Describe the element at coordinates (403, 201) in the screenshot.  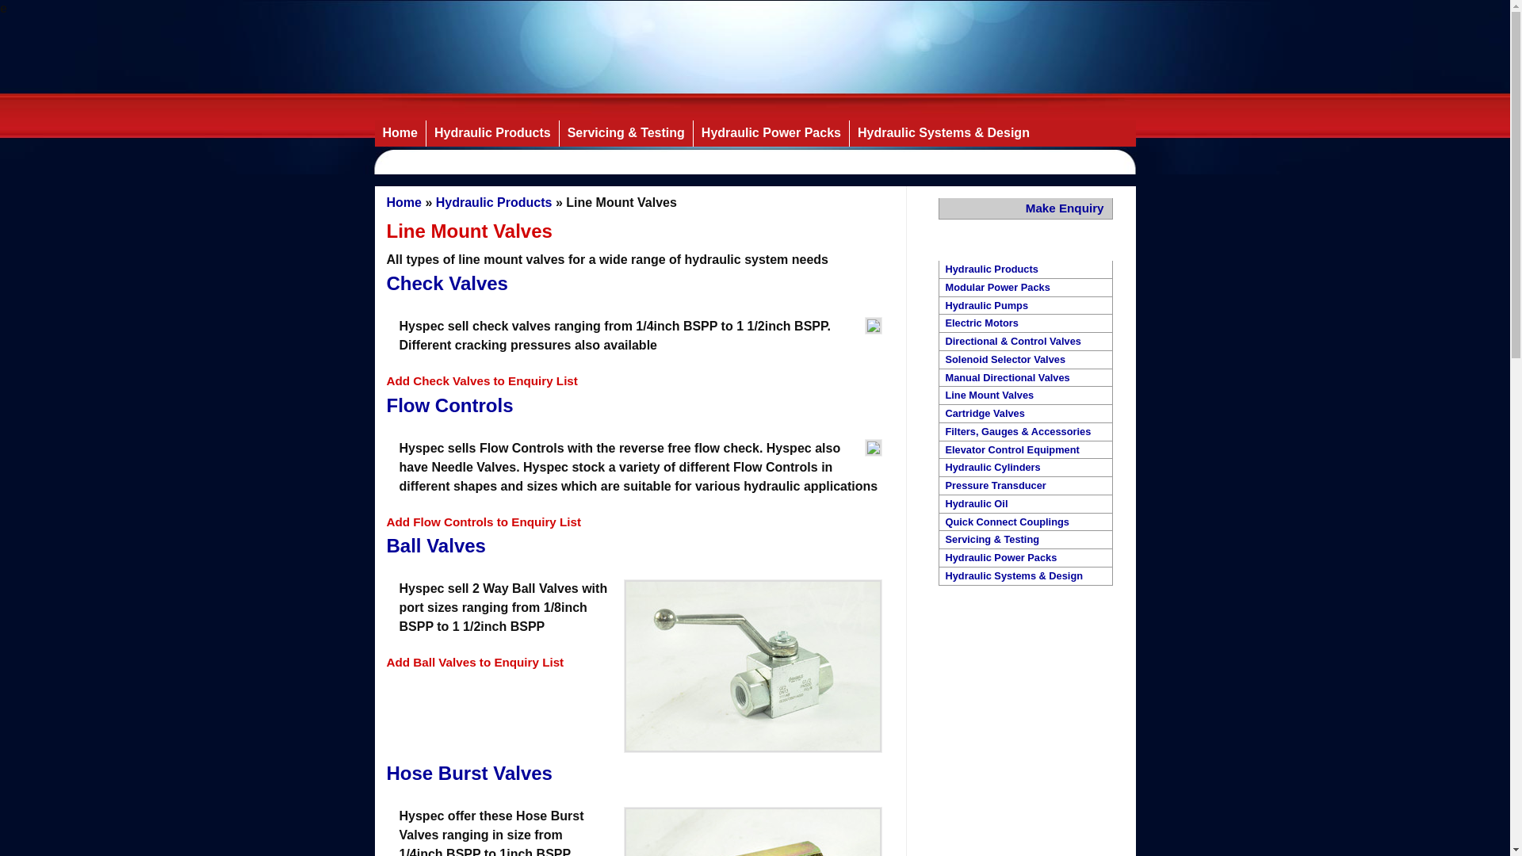
I see `'Home'` at that location.